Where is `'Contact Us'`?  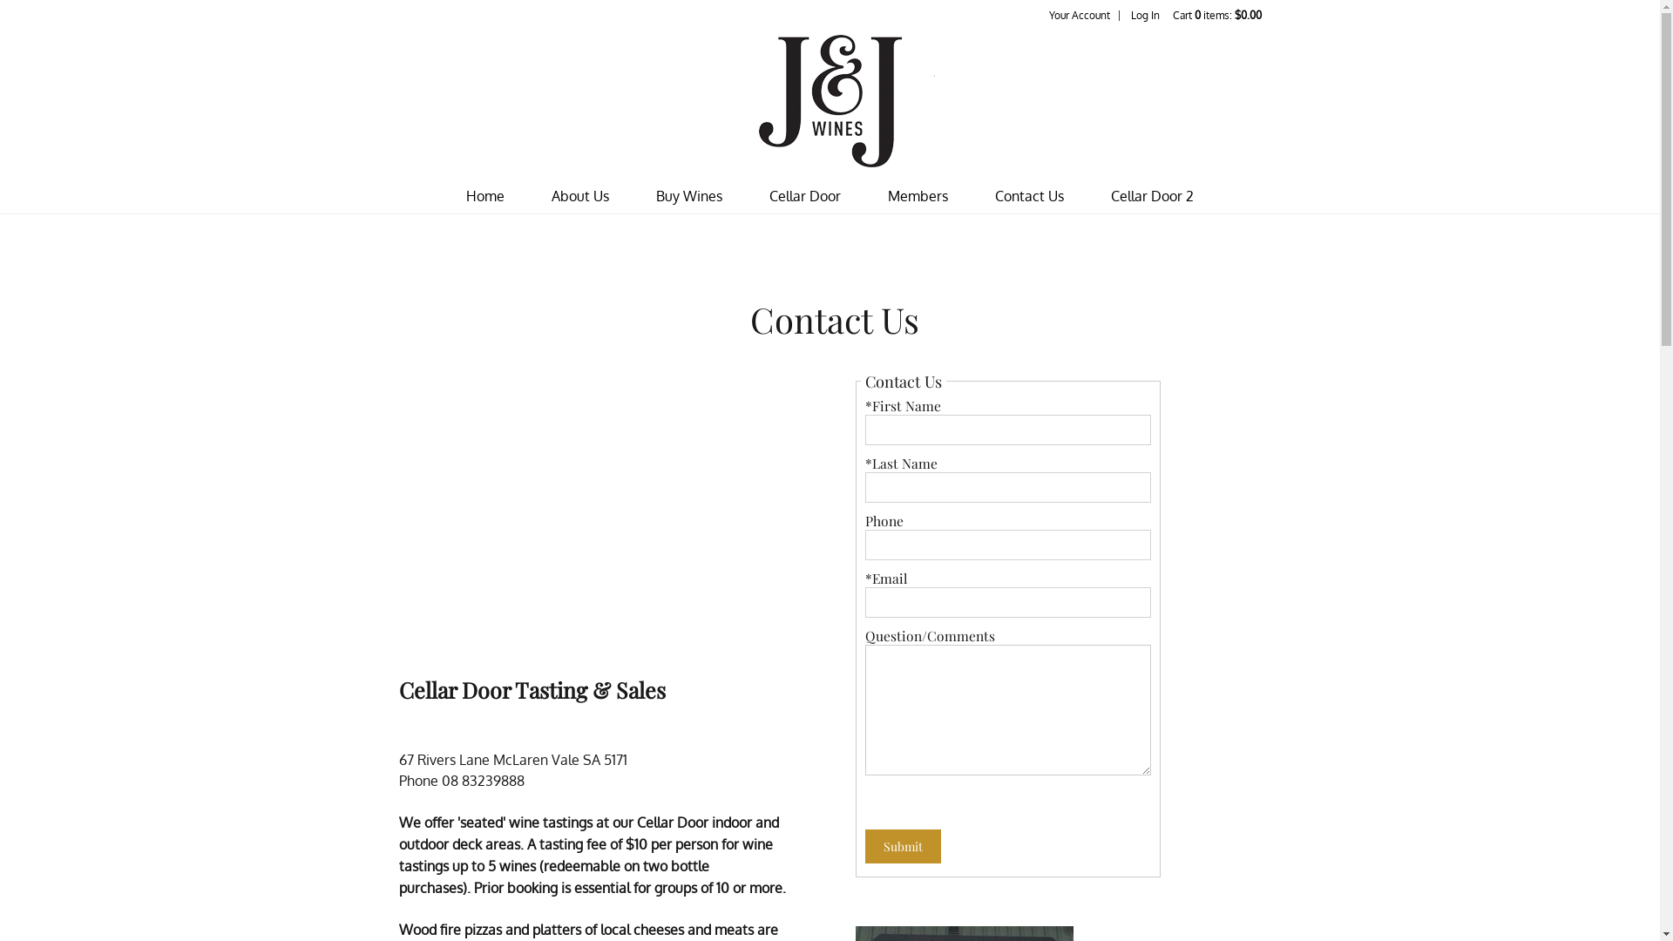
'Contact Us' is located at coordinates (1029, 196).